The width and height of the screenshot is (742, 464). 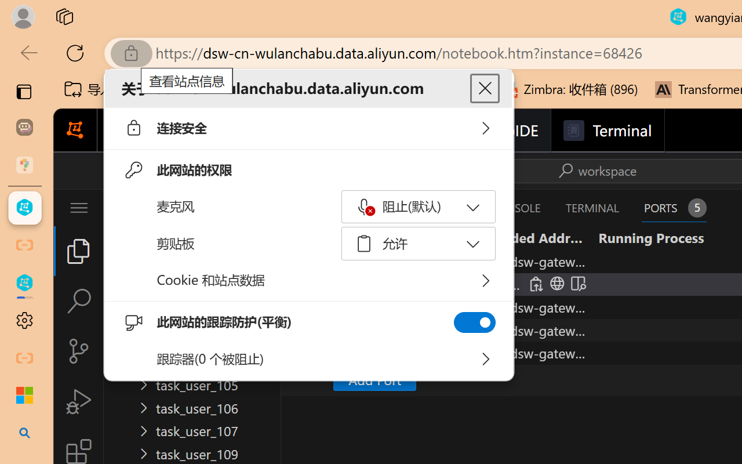 What do you see at coordinates (592, 208) in the screenshot?
I see `'Terminal (Ctrl+`)'` at bounding box center [592, 208].